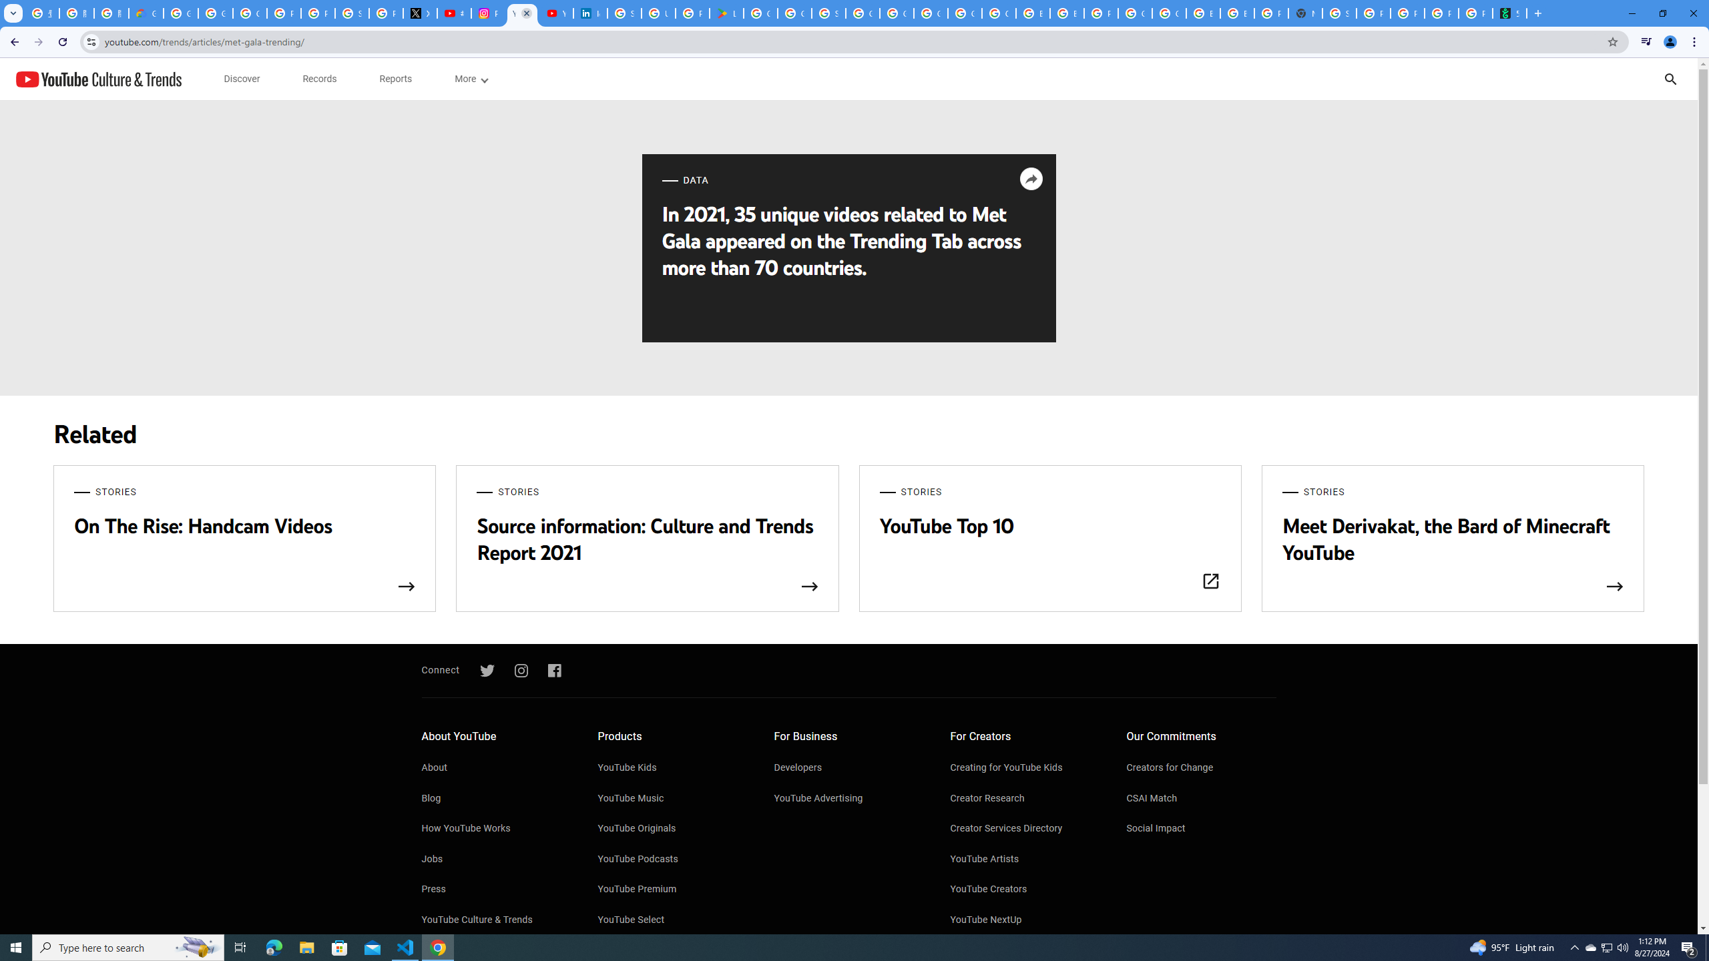 This screenshot has height=961, width=1709. I want to click on 'Twitter', so click(487, 670).